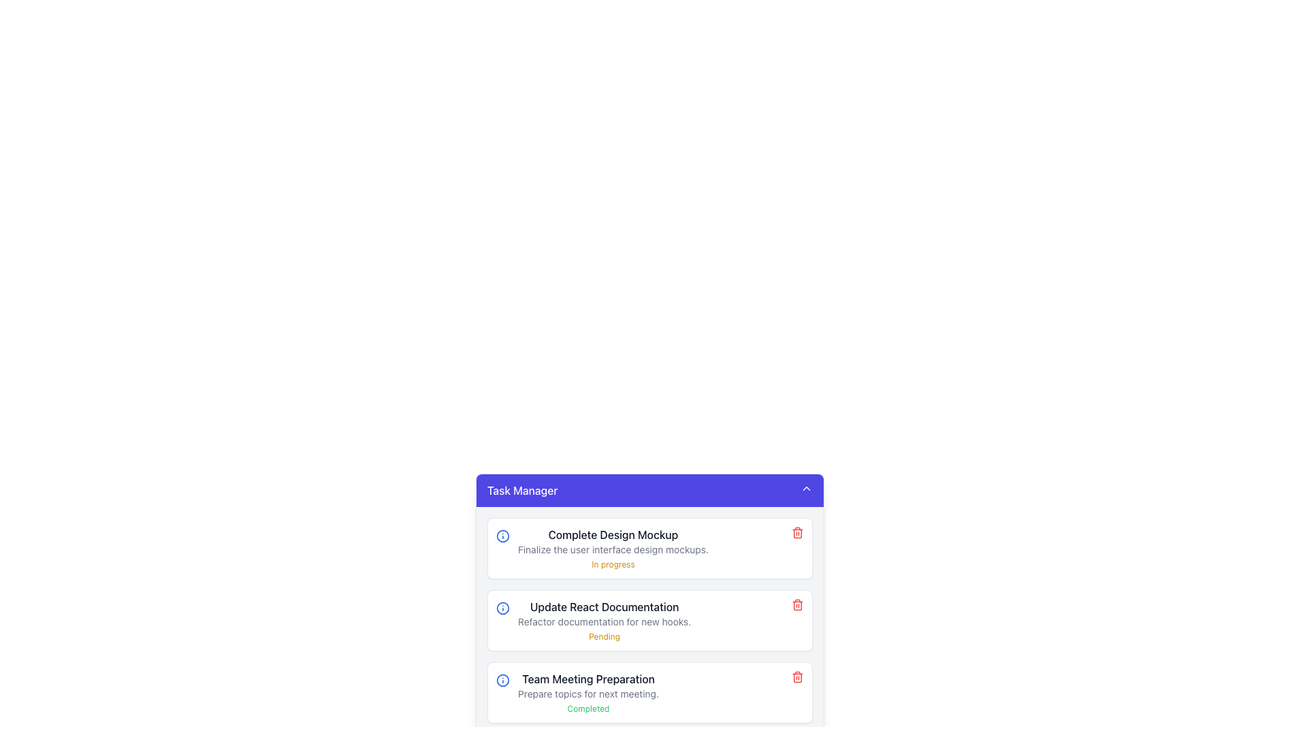 The width and height of the screenshot is (1307, 735). I want to click on the text label displaying 'In progress' at the bottom of the 'Task Manager' card for the task 'Complete Design Mockup', so click(613, 564).